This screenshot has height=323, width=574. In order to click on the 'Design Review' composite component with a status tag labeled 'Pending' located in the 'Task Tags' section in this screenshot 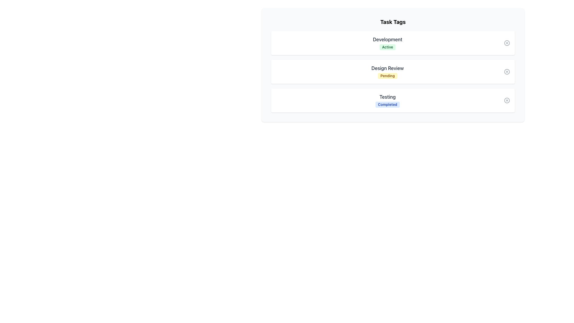, I will do `click(387, 71)`.